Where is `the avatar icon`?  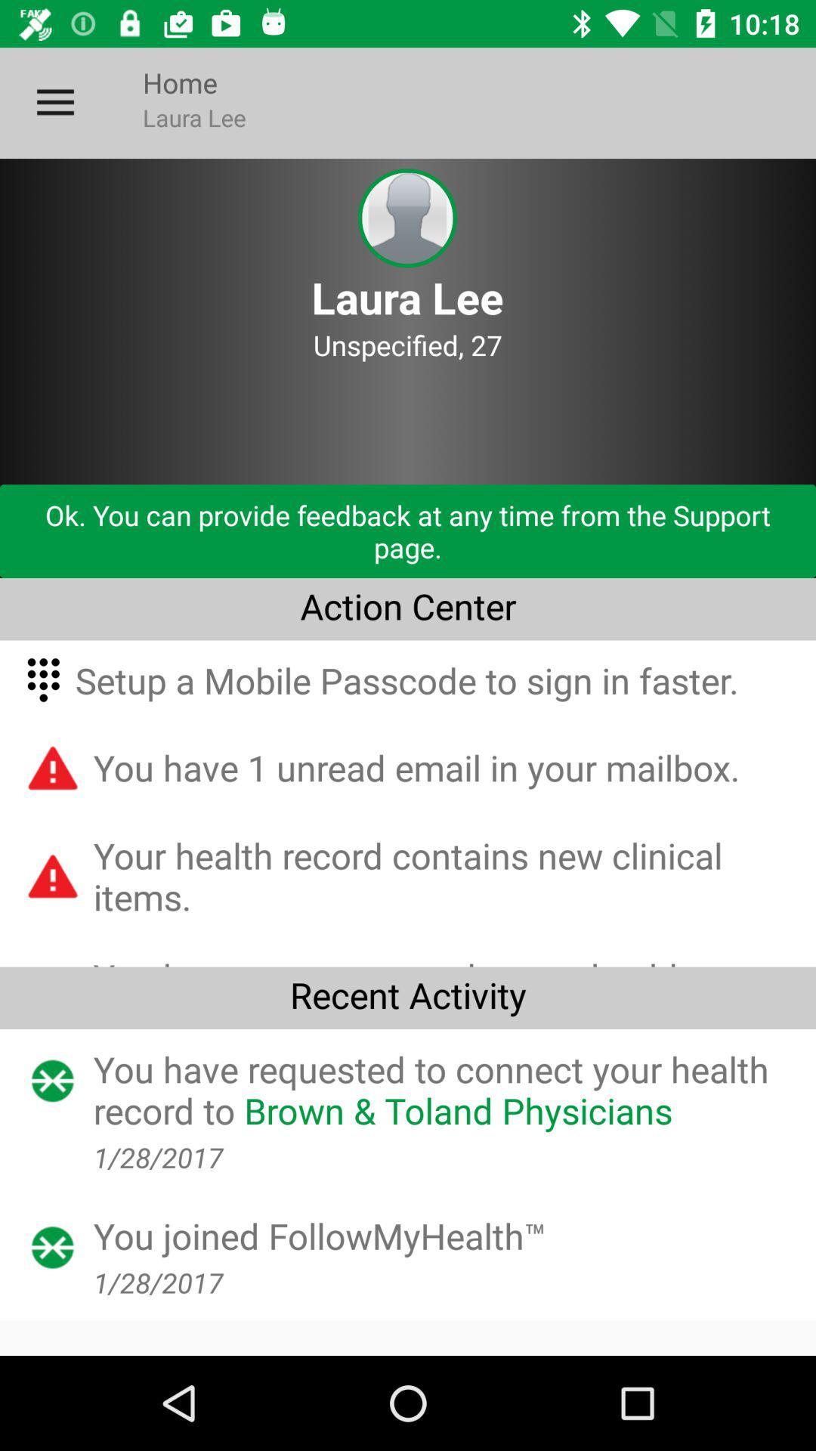
the avatar icon is located at coordinates (406, 218).